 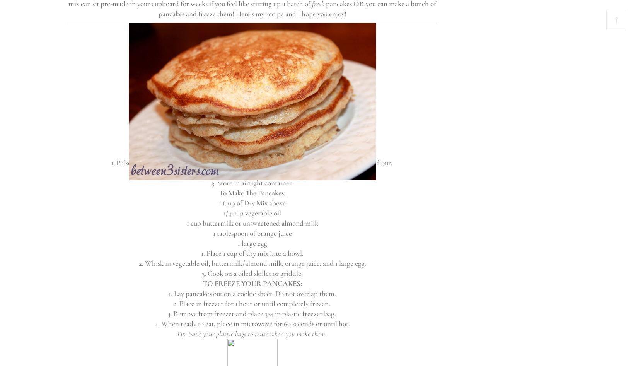 I want to click on '1/4 cup vegetable oil', so click(x=252, y=213).